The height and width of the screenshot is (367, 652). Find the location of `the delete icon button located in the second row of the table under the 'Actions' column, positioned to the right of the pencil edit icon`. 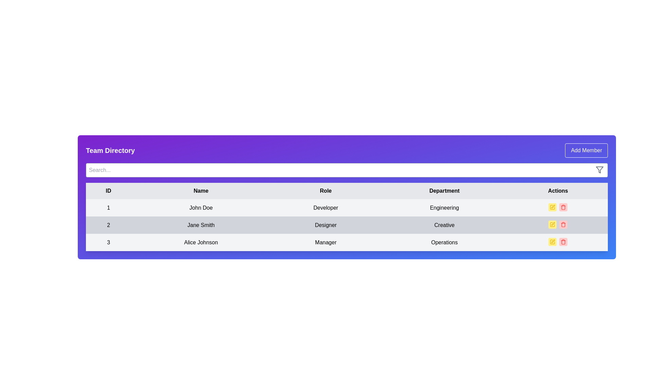

the delete icon button located in the second row of the table under the 'Actions' column, positioned to the right of the pencil edit icon is located at coordinates (563, 224).